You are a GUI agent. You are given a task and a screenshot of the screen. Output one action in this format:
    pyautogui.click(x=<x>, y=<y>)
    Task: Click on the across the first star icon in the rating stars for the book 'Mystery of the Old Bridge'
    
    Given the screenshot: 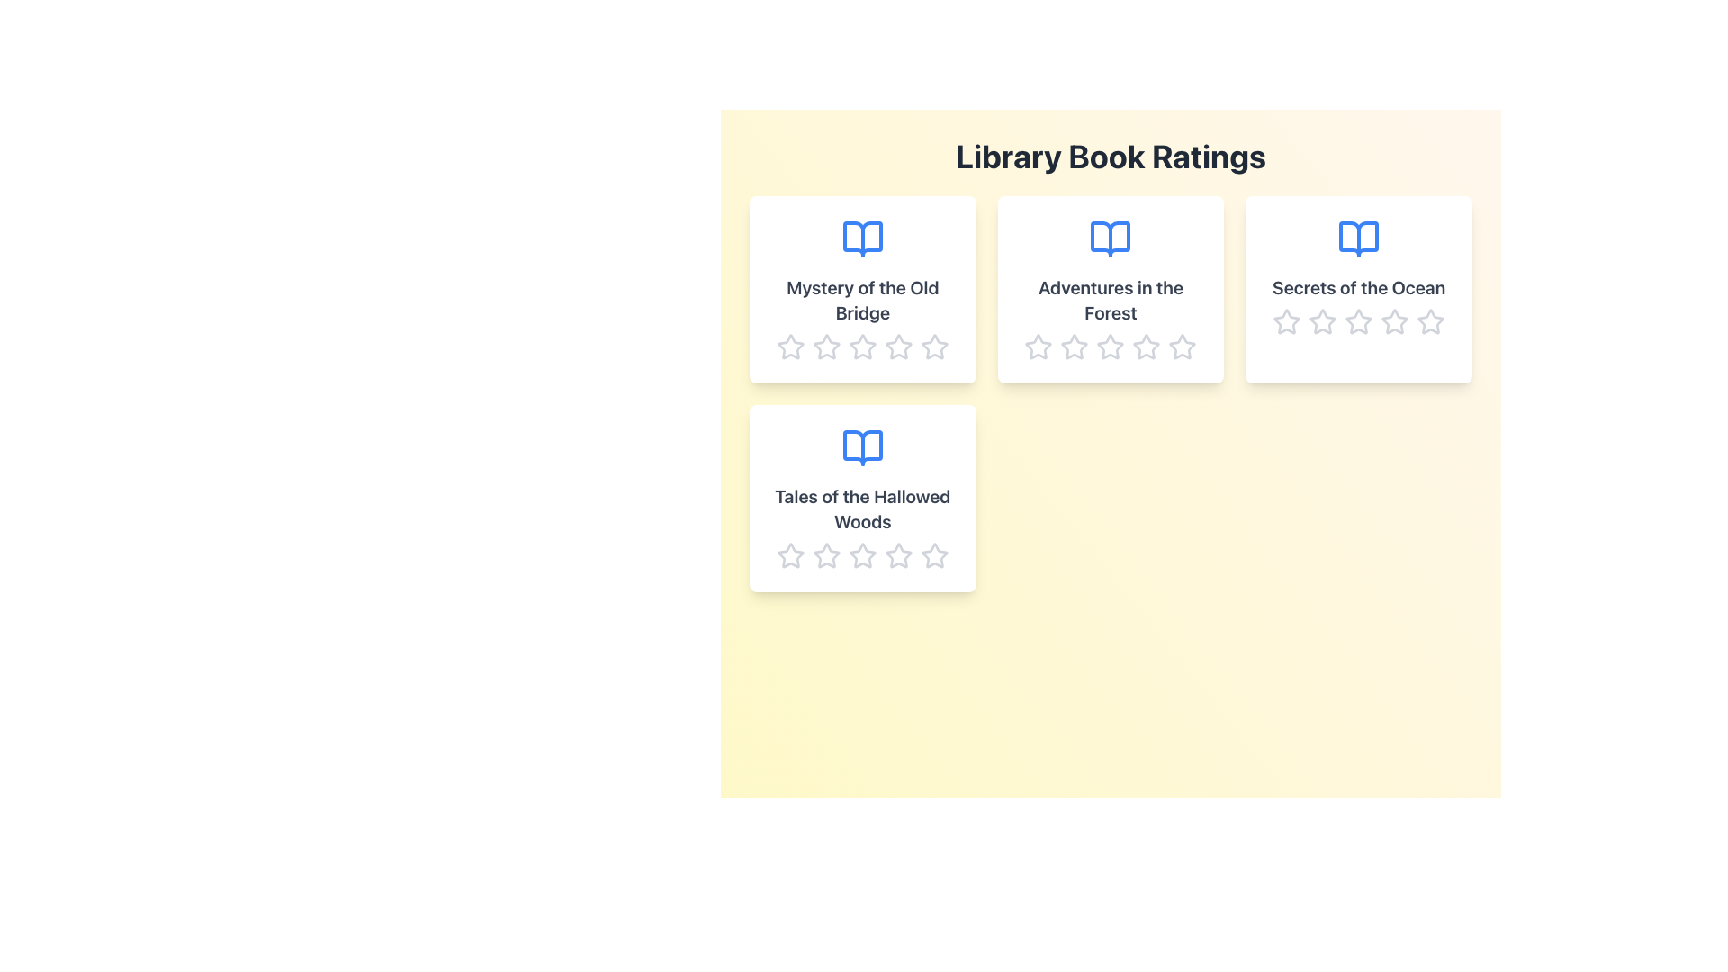 What is the action you would take?
    pyautogui.click(x=790, y=346)
    